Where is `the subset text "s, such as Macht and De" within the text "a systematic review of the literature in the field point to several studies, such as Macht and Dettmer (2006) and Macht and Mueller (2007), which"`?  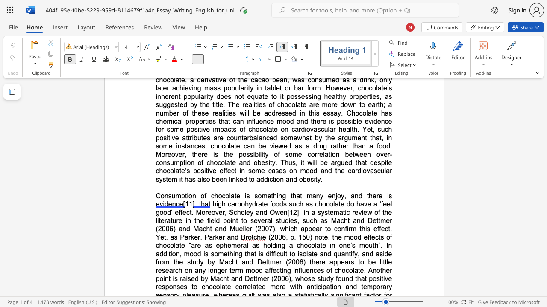 the subset text "s, such as Macht and De" within the text "a systematic review of the literature in the field point to several studies, such as Macht and Dettmer (2006) and Macht and Mueller (2007), which" is located at coordinates (294, 220).